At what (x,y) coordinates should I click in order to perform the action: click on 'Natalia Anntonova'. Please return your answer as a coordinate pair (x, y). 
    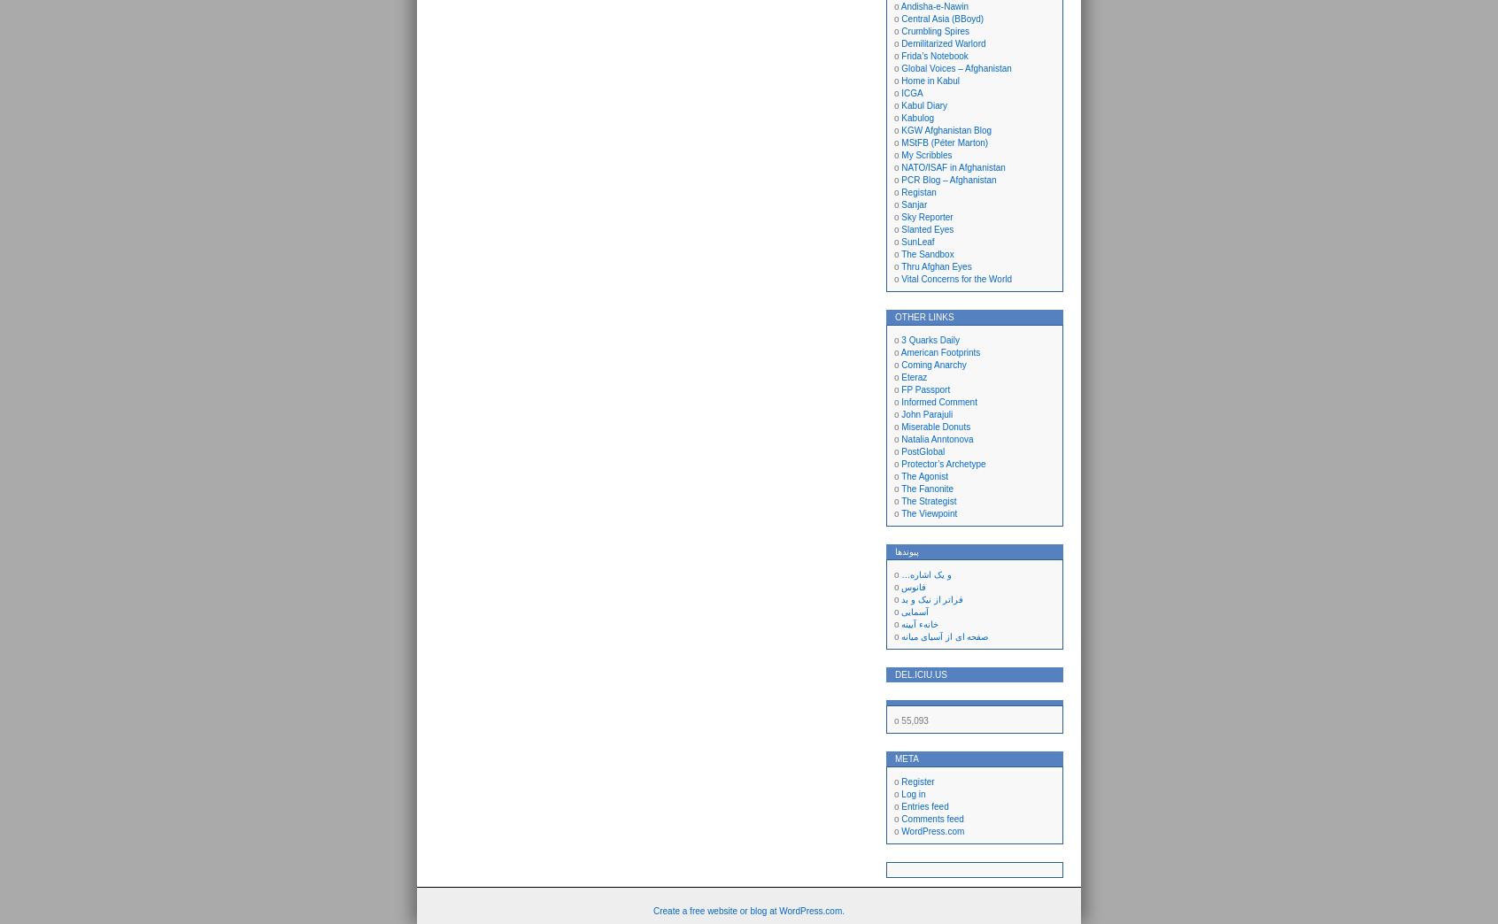
    Looking at the image, I should click on (937, 439).